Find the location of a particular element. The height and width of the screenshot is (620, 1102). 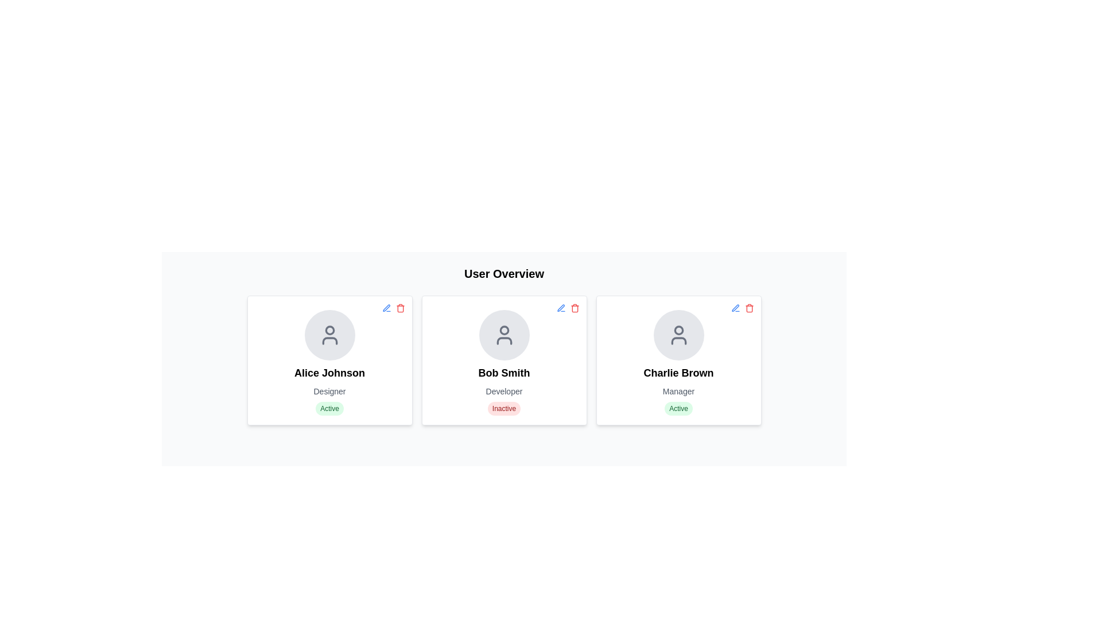

the 'Active' badge representing the status of 'Alice Johnson' in the User Overview section is located at coordinates (329, 408).